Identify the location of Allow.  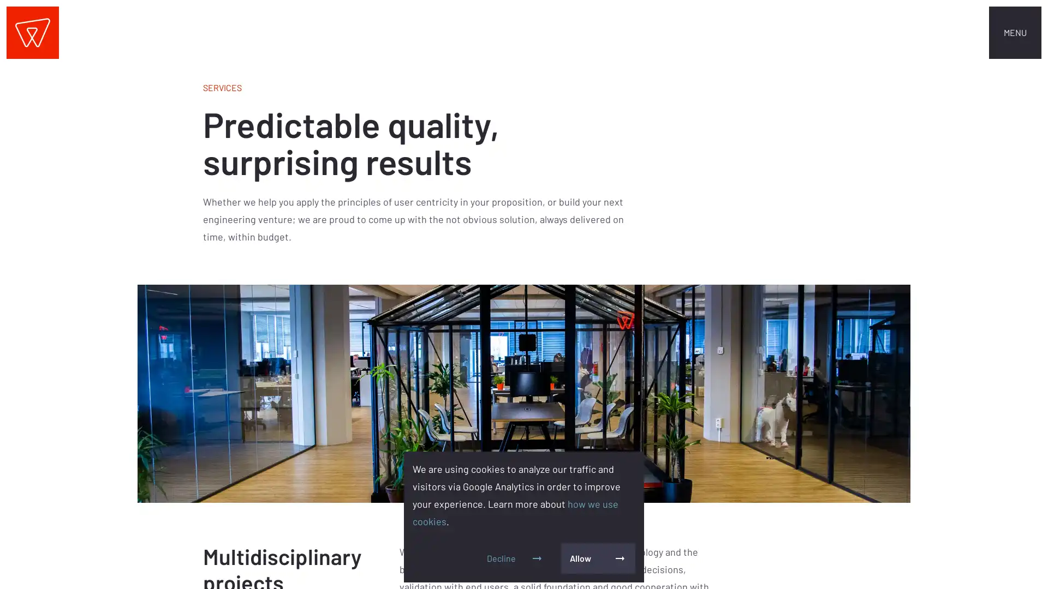
(597, 558).